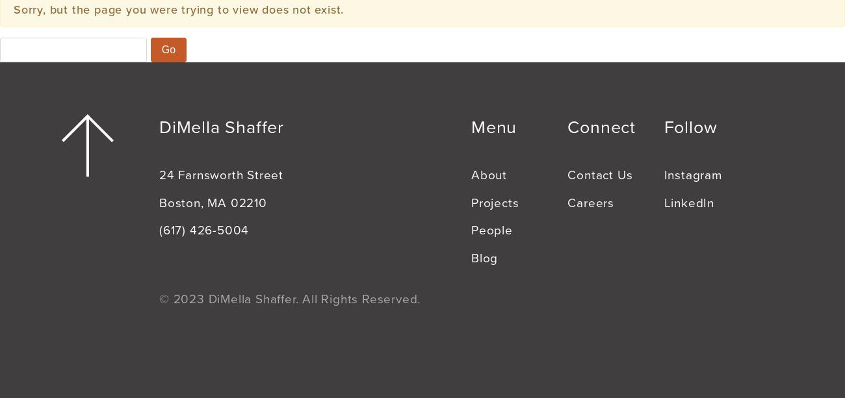  What do you see at coordinates (491, 229) in the screenshot?
I see `'People'` at bounding box center [491, 229].